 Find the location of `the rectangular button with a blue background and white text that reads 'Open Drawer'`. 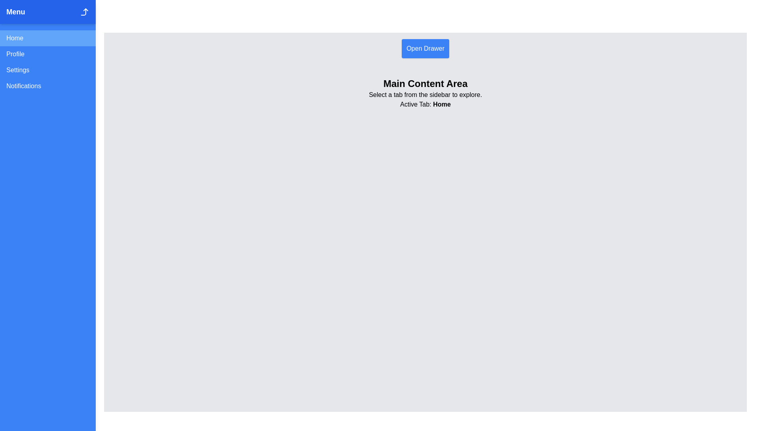

the rectangular button with a blue background and white text that reads 'Open Drawer' is located at coordinates (425, 49).